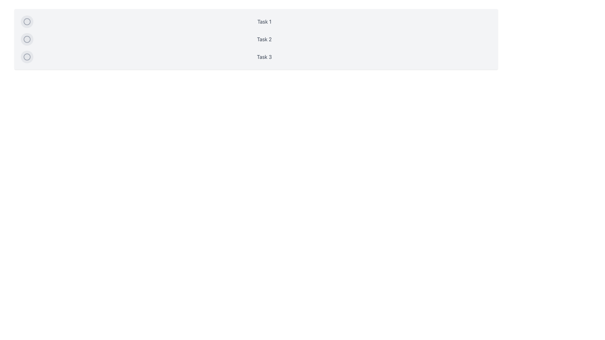 The image size is (605, 340). I want to click on the interactive circular icon element aligned next to the label 'Task 1' for keyboard navigation, so click(27, 21).